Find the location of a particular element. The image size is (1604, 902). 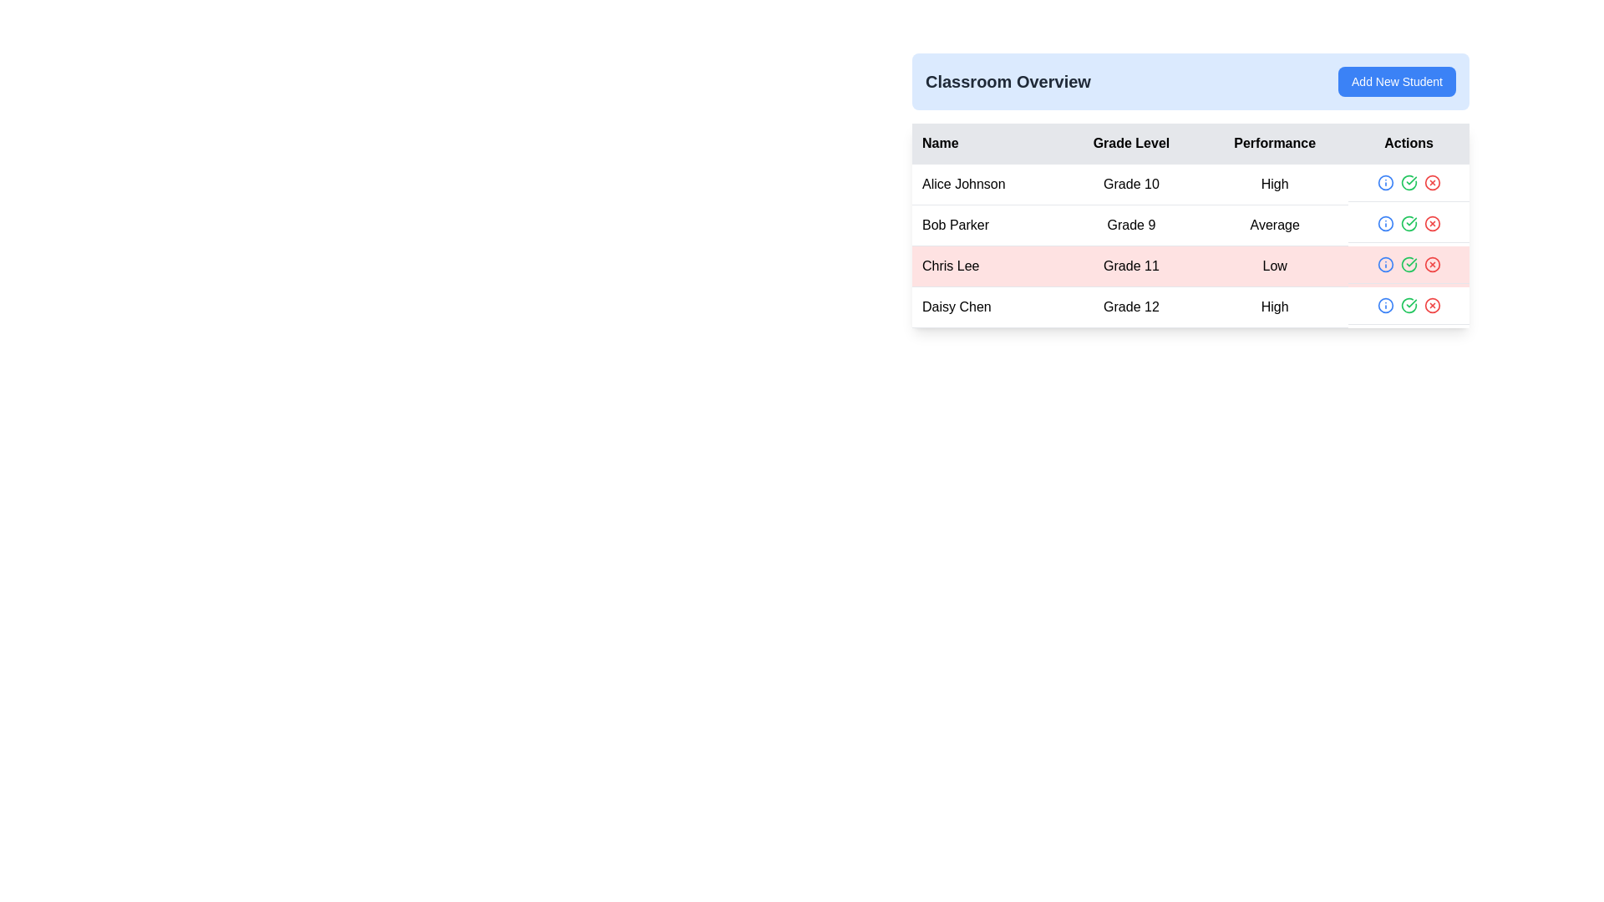

the text label 'High' in black font located in the third column of the last row in the 'Classroom Overview' table is located at coordinates (1274, 307).